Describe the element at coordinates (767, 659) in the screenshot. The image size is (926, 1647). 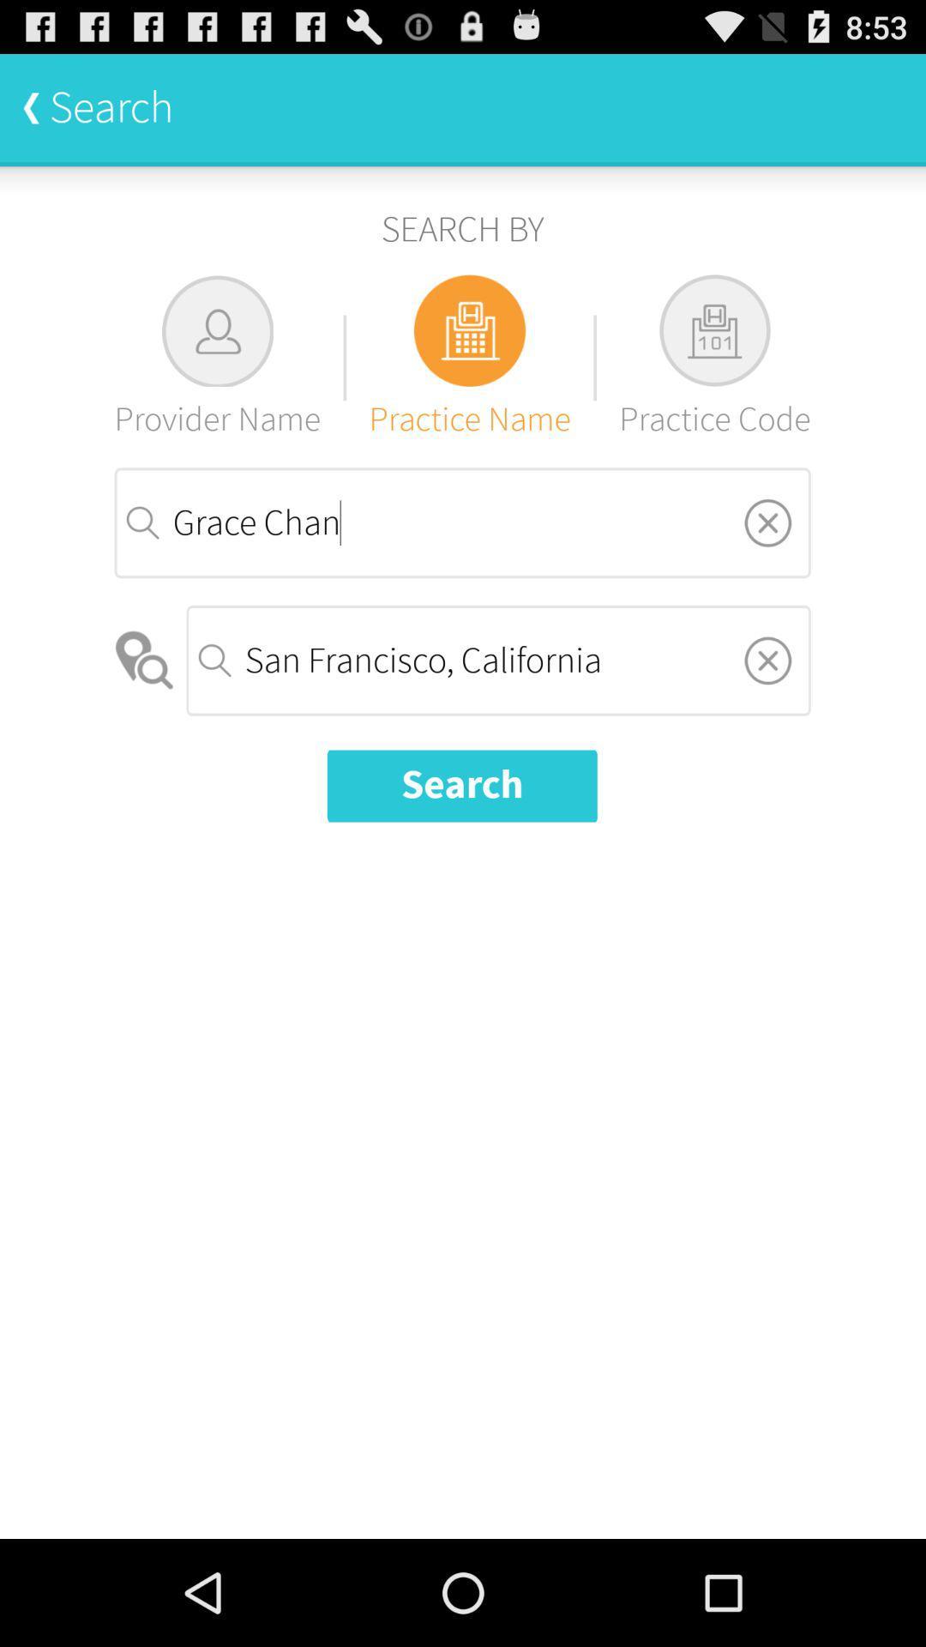
I see `the item on the right` at that location.